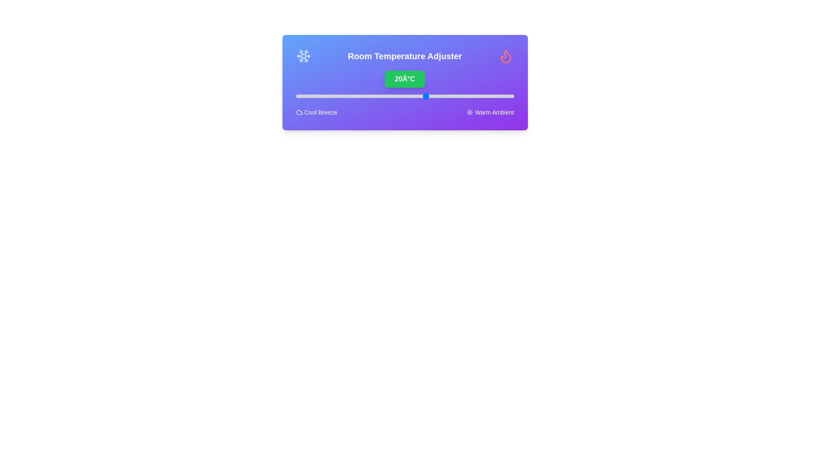 This screenshot has width=818, height=460. I want to click on the 'Cool Breeze' text and icon, so click(316, 112).